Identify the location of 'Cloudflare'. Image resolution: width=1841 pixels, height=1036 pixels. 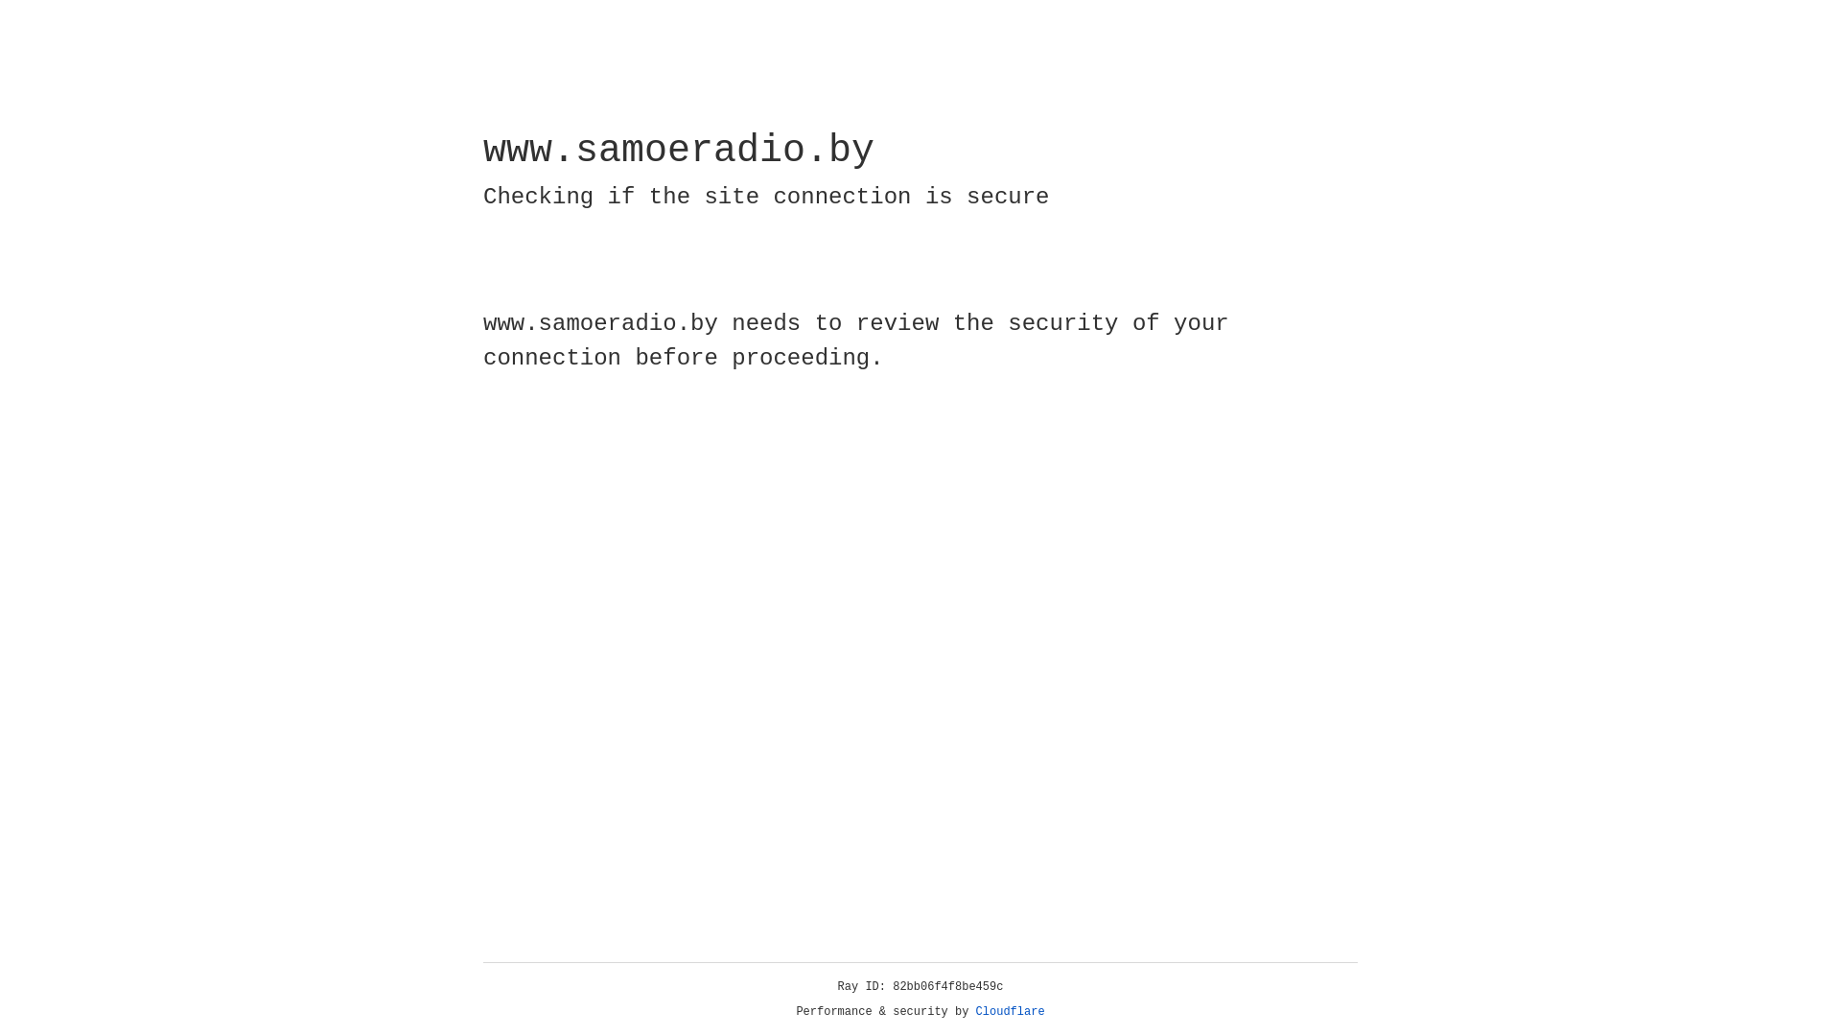
(1010, 1011).